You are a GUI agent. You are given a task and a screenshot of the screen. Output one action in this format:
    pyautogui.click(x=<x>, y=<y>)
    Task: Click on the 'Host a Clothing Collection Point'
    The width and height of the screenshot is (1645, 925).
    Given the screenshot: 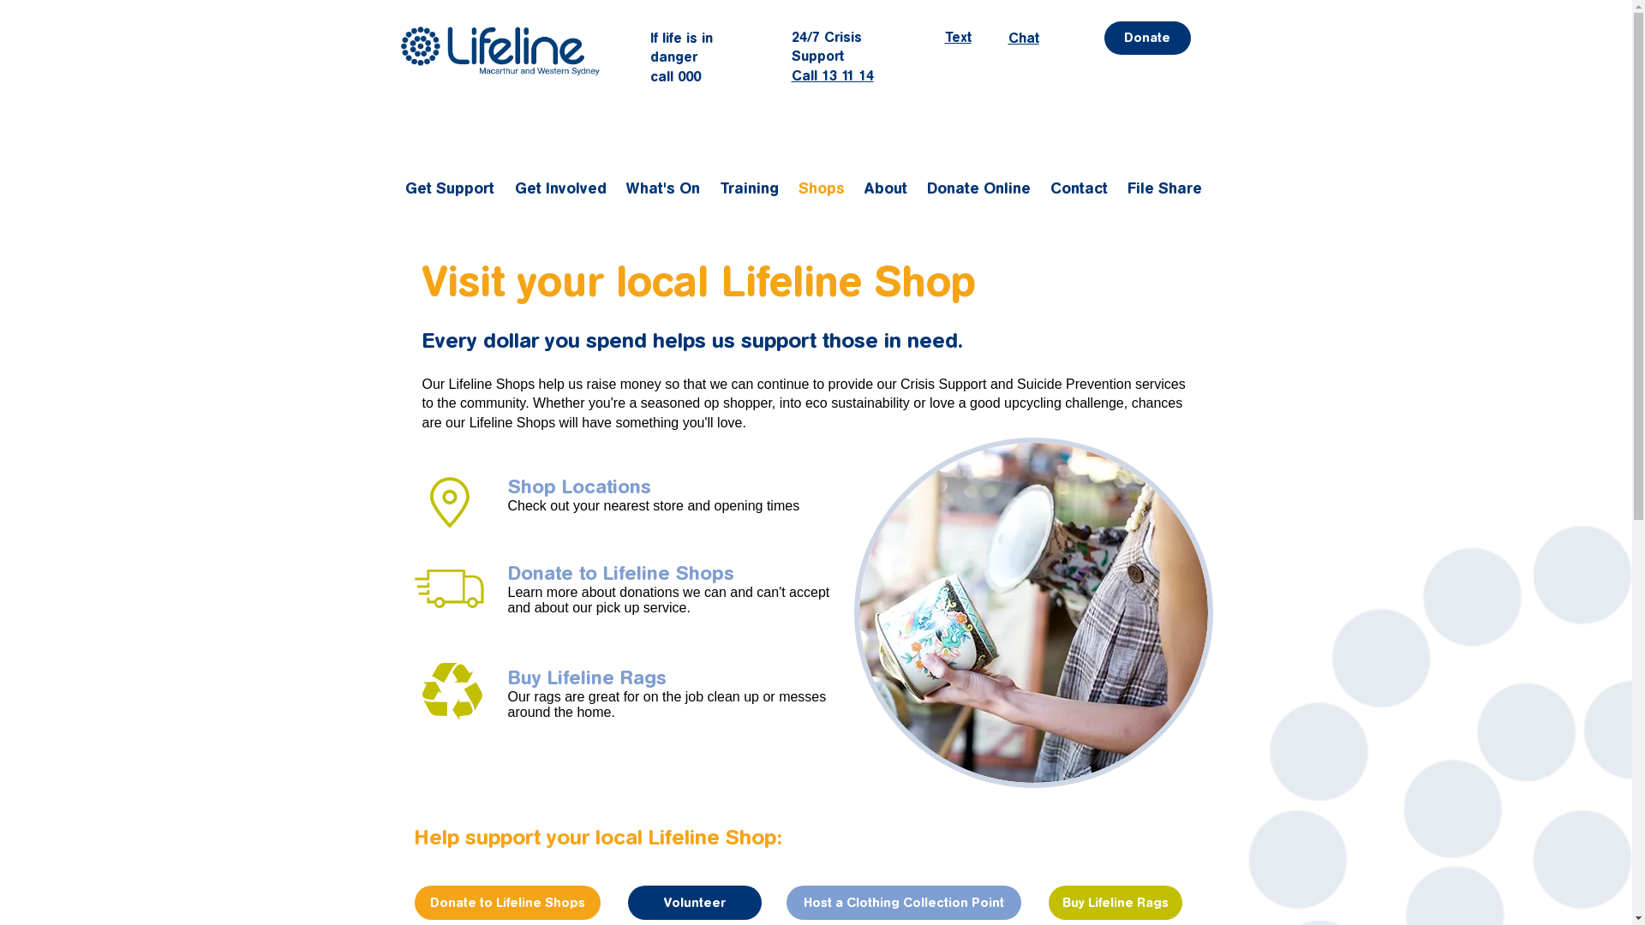 What is the action you would take?
    pyautogui.click(x=785, y=901)
    